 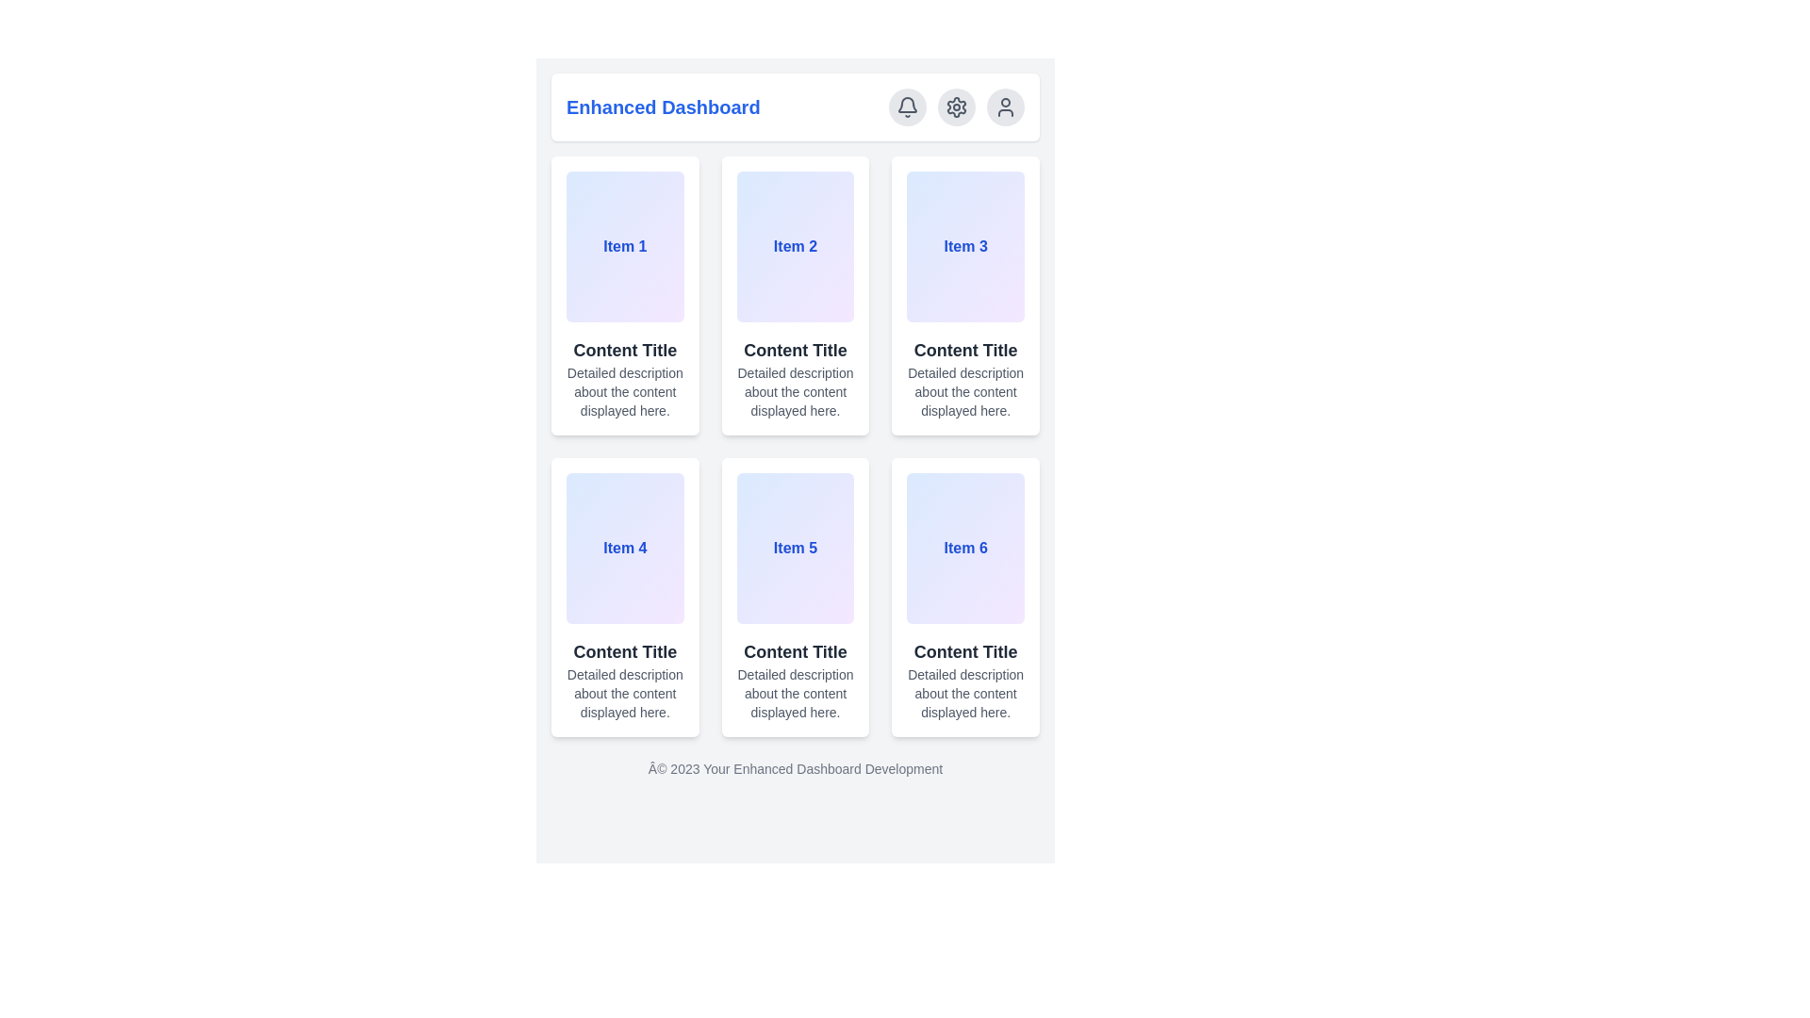 What do you see at coordinates (796, 597) in the screenshot?
I see `the information panel card displaying 'Item 5' in the Enhanced Dashboard section, located in the second row, middle column of the grid` at bounding box center [796, 597].